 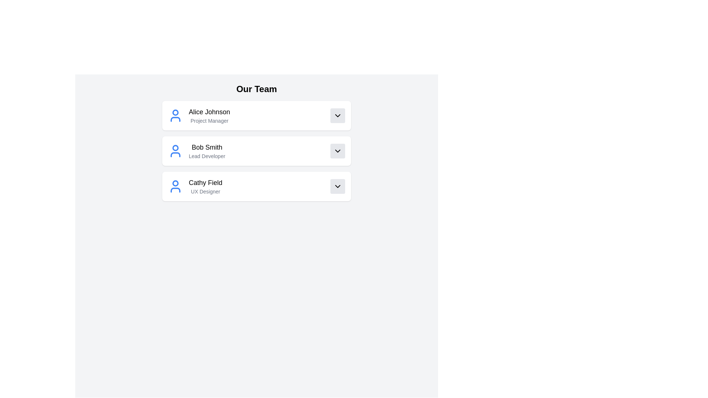 I want to click on the user icon representing 'Bob Smith', located in the second row of the 'Our Team' list, directly to the left of the texts 'Bob Smith' and 'Lead Developer', so click(x=175, y=150).